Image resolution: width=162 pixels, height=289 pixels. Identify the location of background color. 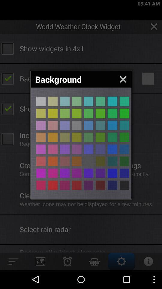
(124, 101).